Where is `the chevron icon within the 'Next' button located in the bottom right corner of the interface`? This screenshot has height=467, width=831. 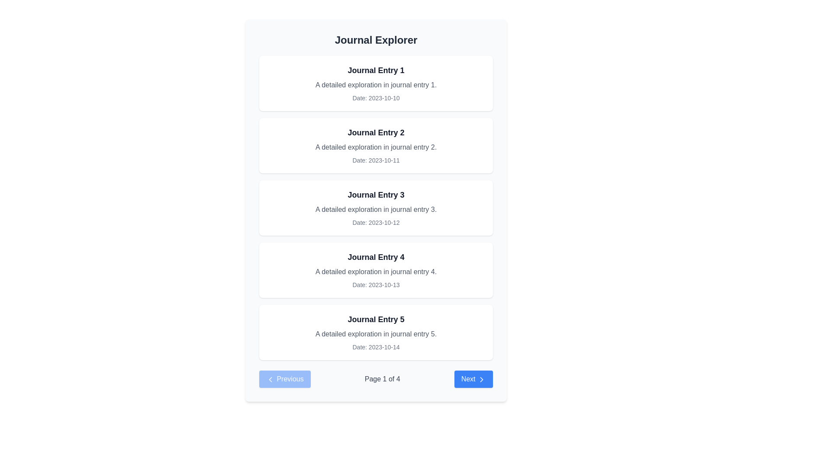 the chevron icon within the 'Next' button located in the bottom right corner of the interface is located at coordinates (481, 378).